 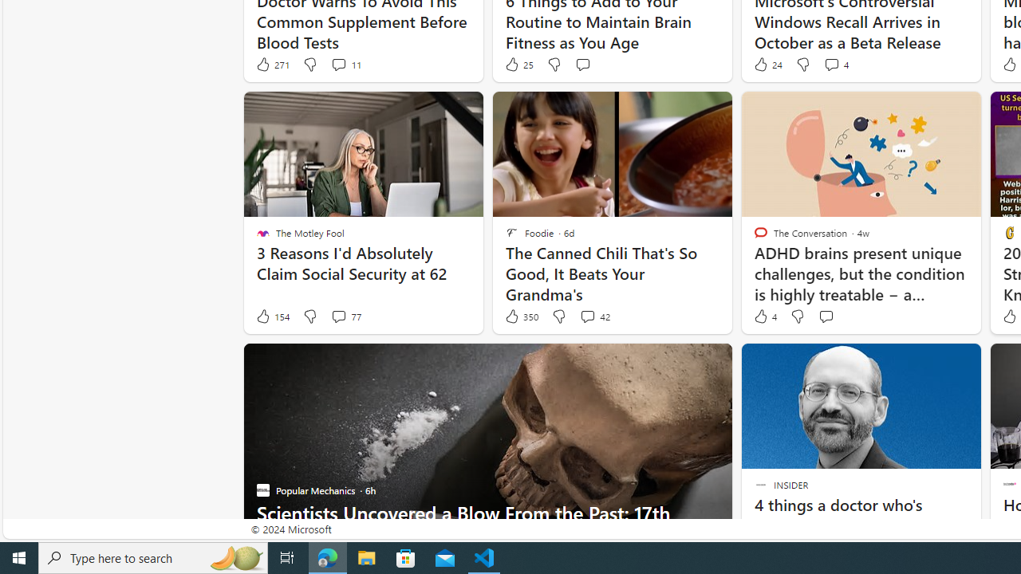 I want to click on 'View comments 11 Comment', so click(x=345, y=64).